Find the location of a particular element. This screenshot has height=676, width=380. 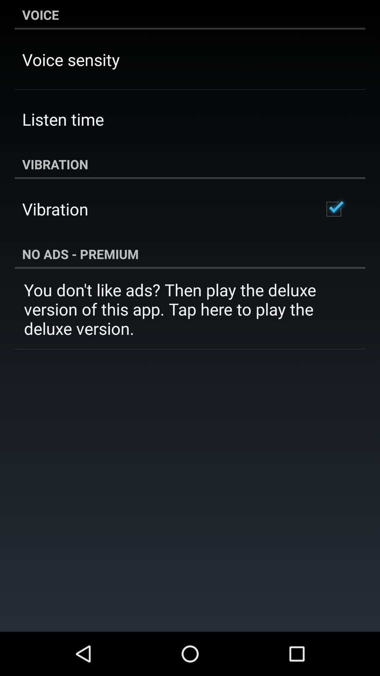

item below the voice sensity icon is located at coordinates (63, 119).